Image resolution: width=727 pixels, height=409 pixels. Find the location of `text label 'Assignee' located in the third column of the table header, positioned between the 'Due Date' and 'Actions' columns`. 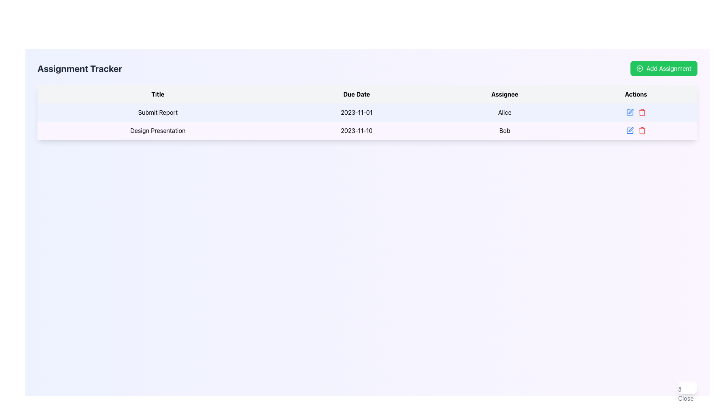

text label 'Assignee' located in the third column of the table header, positioned between the 'Due Date' and 'Actions' columns is located at coordinates (505, 94).